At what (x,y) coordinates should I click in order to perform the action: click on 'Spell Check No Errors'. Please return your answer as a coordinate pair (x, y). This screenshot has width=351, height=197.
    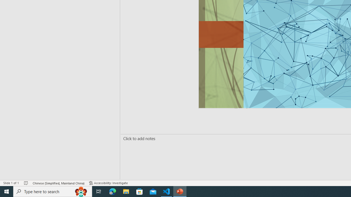
    Looking at the image, I should click on (26, 183).